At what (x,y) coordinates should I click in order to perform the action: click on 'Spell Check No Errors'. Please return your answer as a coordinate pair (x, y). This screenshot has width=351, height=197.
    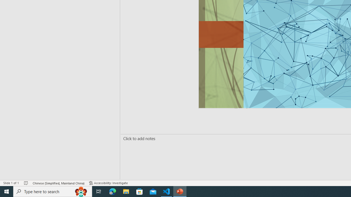
    Looking at the image, I should click on (26, 183).